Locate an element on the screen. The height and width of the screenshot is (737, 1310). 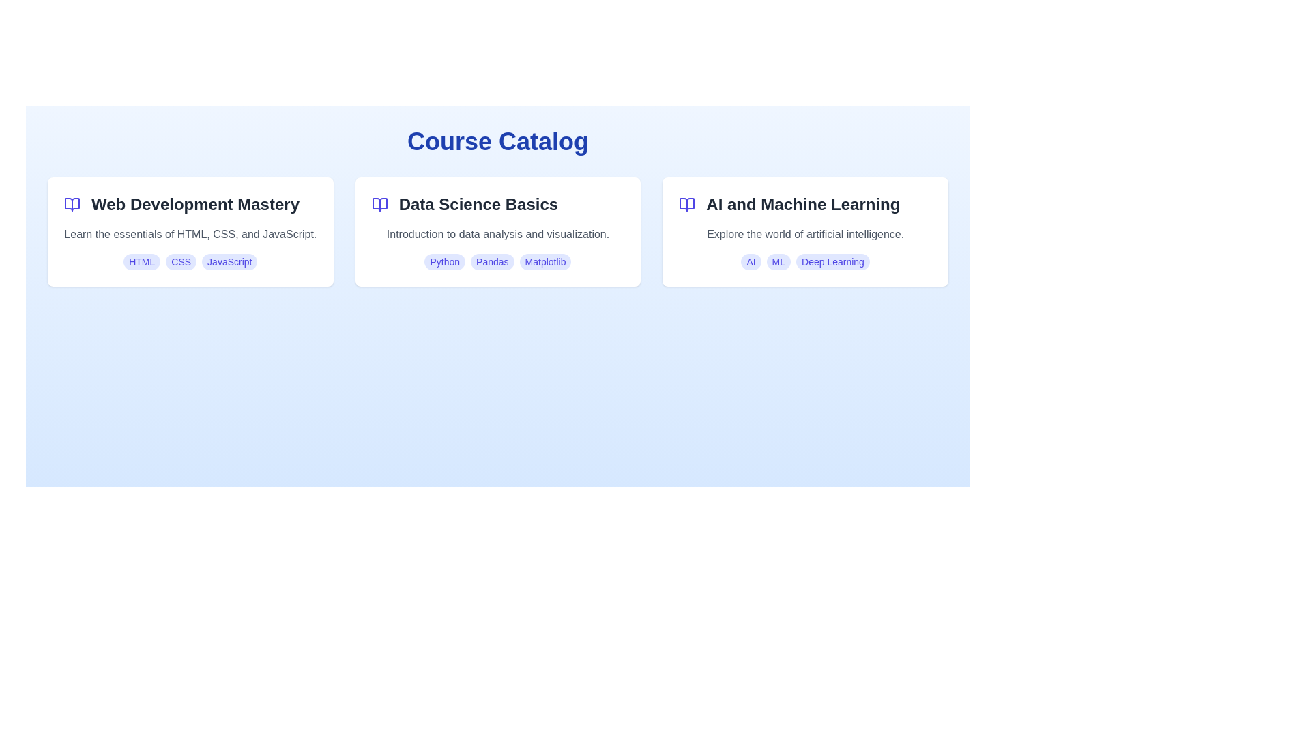
the distinctive SVG graphic depicting a book icon with two open pages, styled in indigo, located in the leftmost card next to the title 'Web Development Mastery' is located at coordinates (71, 205).